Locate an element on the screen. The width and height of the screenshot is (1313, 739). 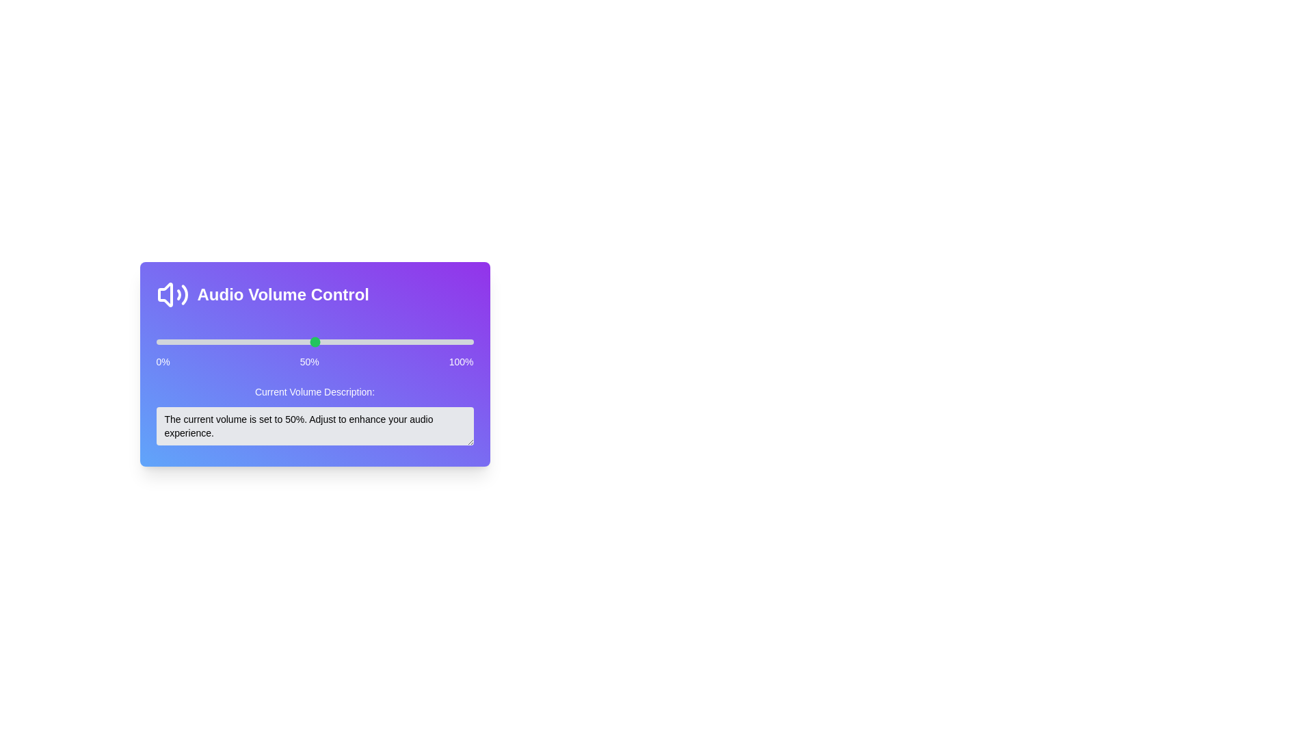
the volume slider to 71% is located at coordinates (381, 341).